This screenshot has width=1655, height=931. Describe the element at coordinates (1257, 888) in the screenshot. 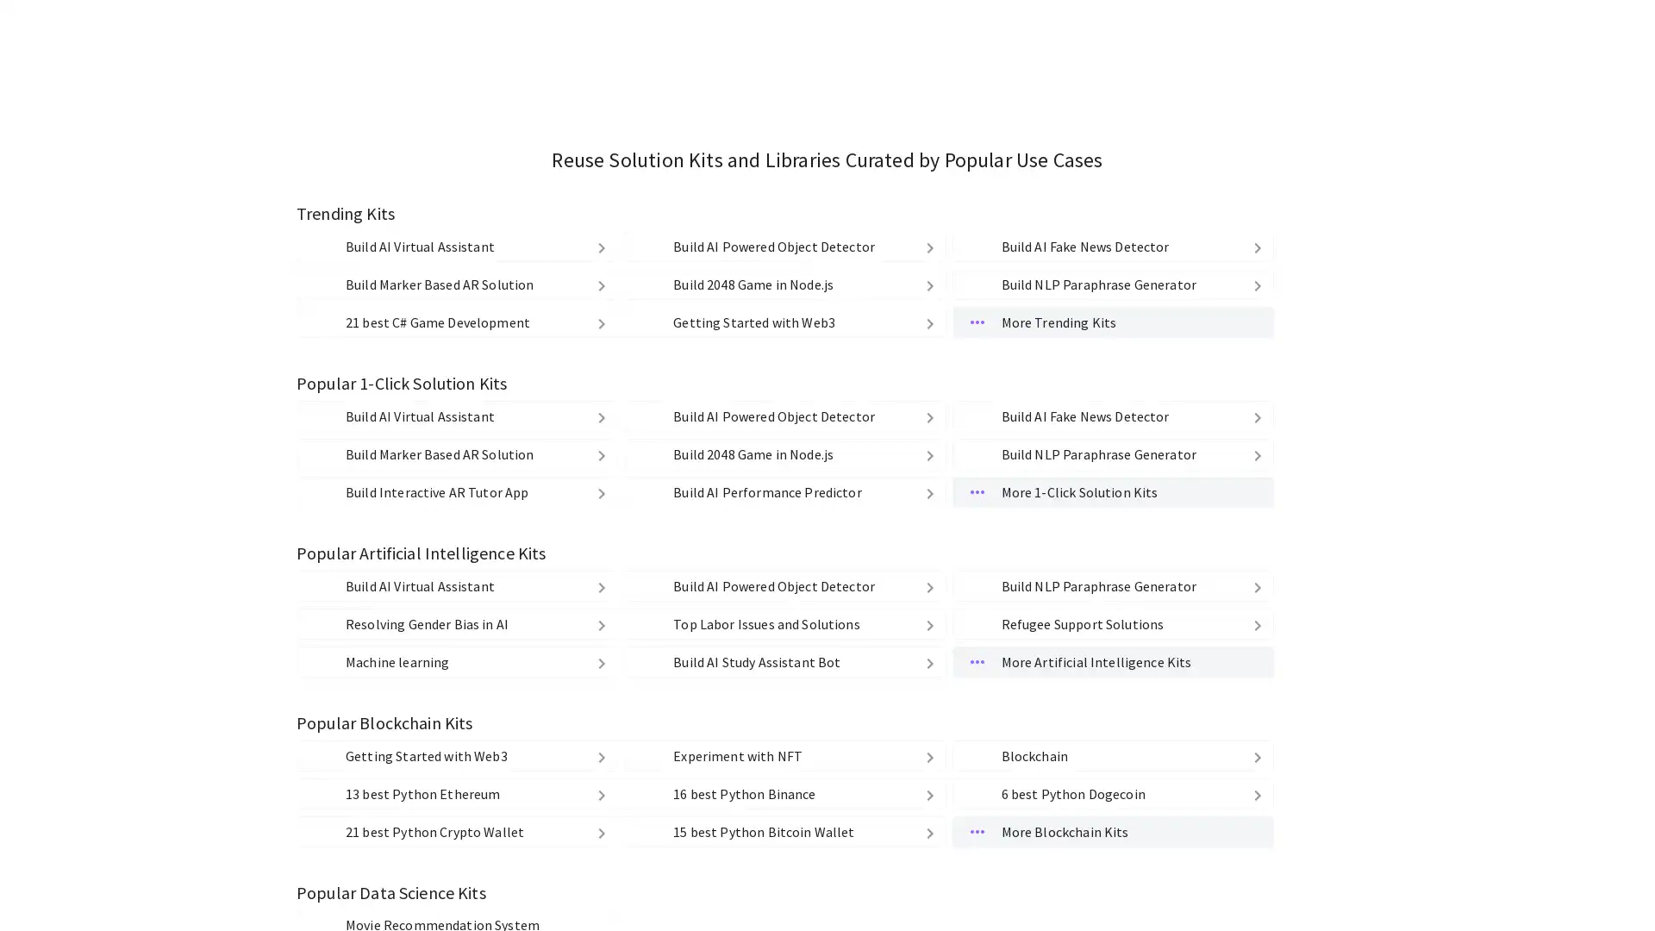

I see `delete` at that location.